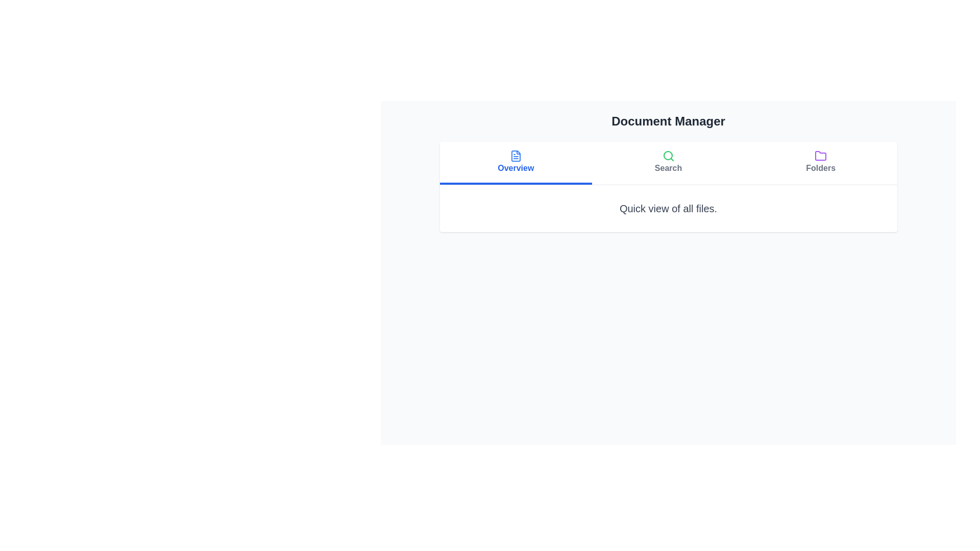 The width and height of the screenshot is (980, 551). What do you see at coordinates (668, 156) in the screenshot?
I see `the circular green magnifying glass icon located in the 'Search' section below the 'Document Manager' header` at bounding box center [668, 156].